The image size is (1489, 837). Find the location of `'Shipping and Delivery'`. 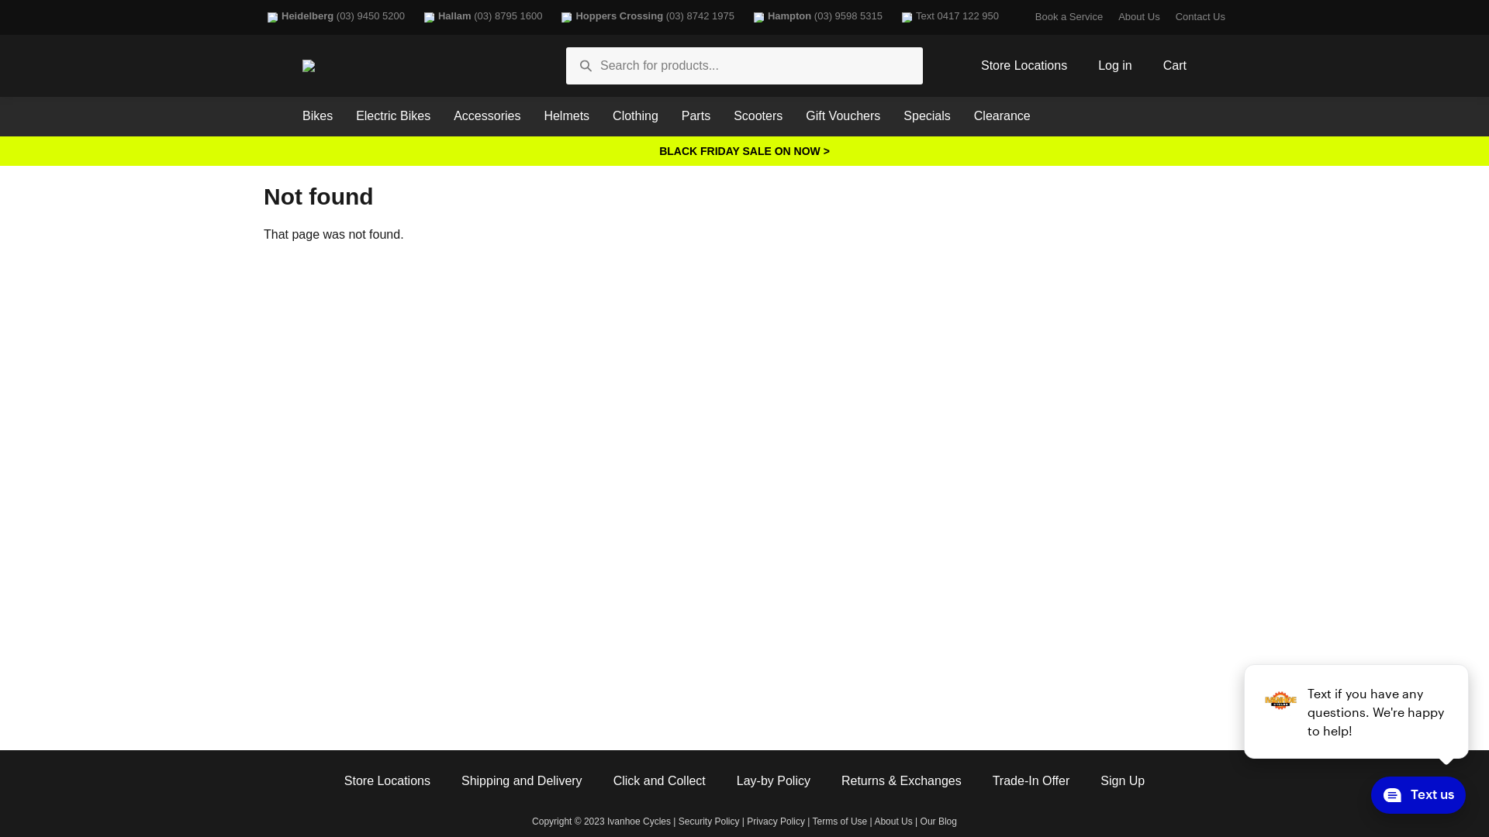

'Shipping and Delivery' is located at coordinates (521, 781).